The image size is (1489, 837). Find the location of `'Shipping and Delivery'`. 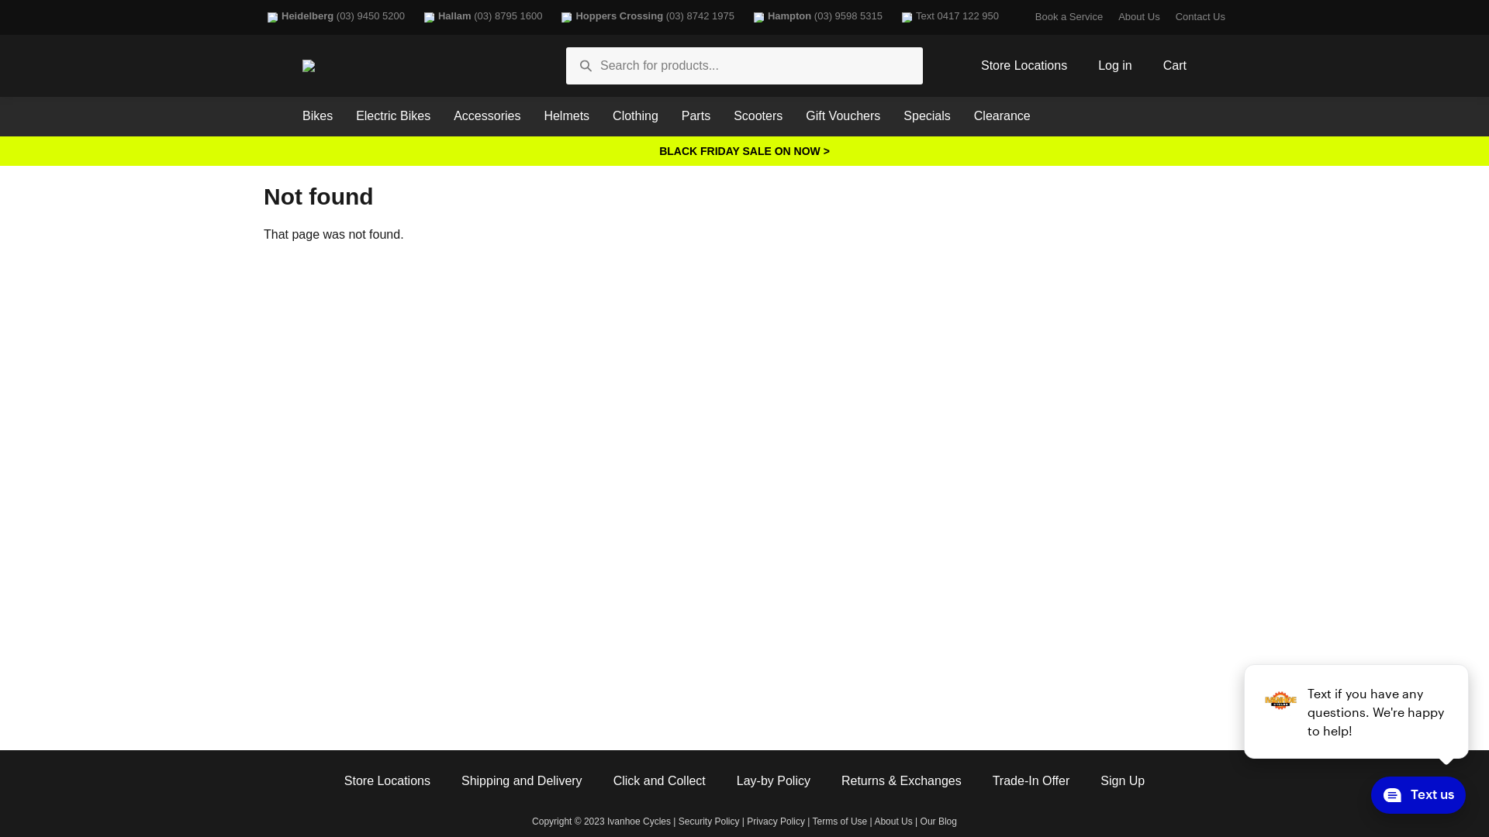

'Shipping and Delivery' is located at coordinates (521, 781).